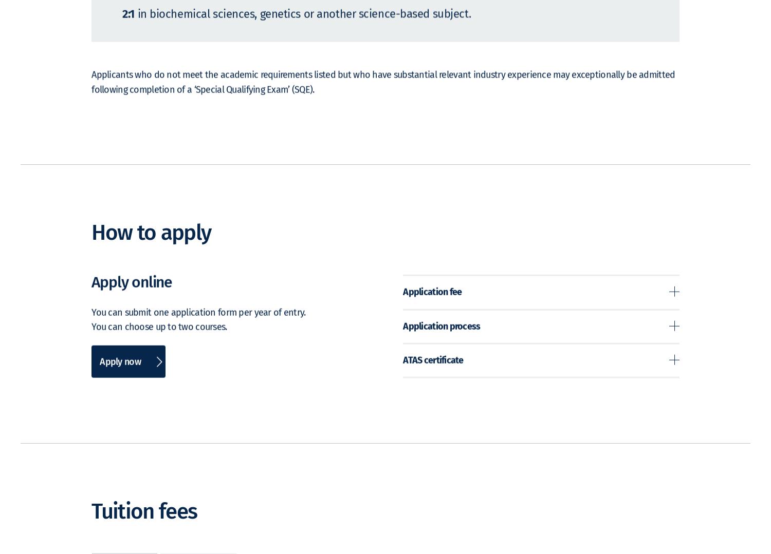  Describe the element at coordinates (131, 296) in the screenshot. I see `'Apply online'` at that location.